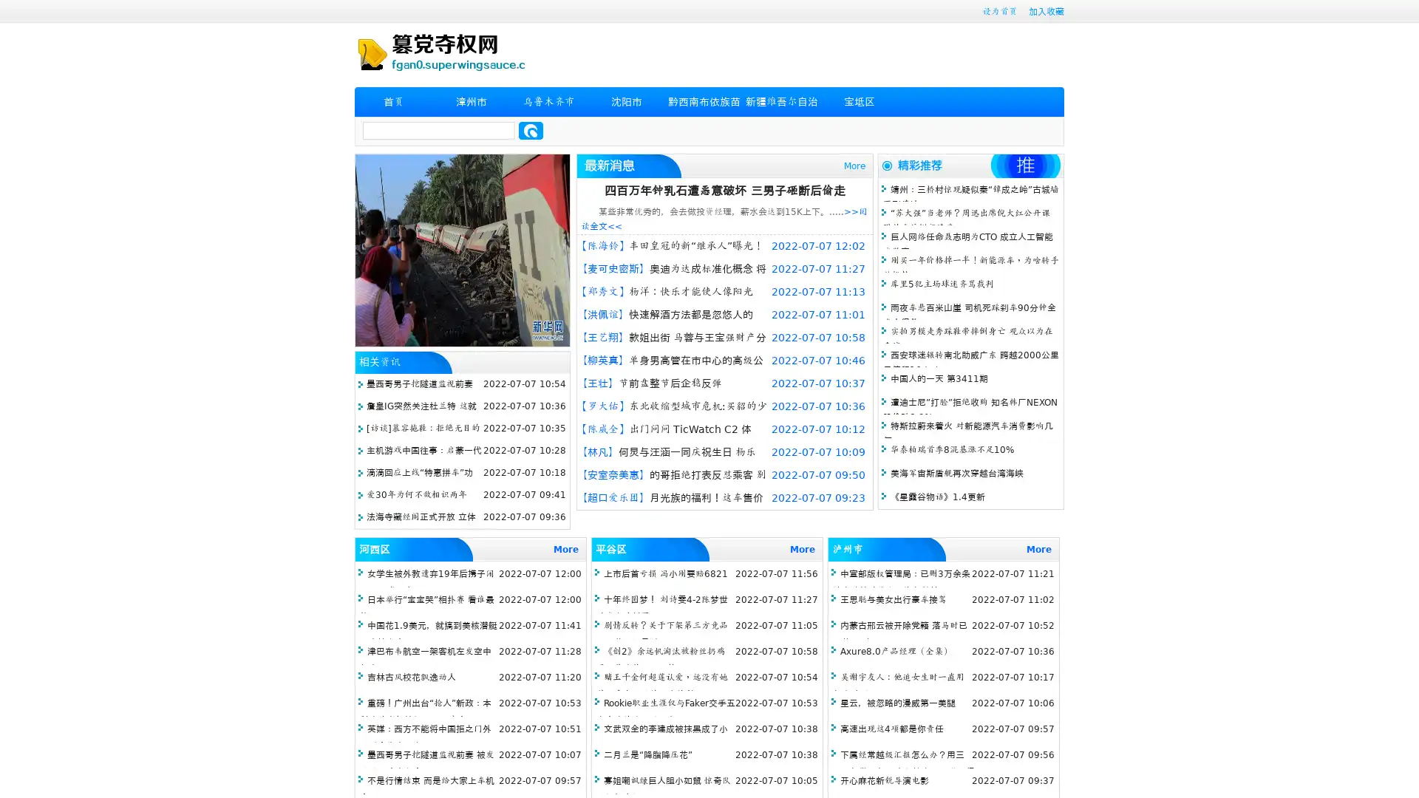 This screenshot has height=798, width=1419. Describe the element at coordinates (531, 130) in the screenshot. I see `Search` at that location.